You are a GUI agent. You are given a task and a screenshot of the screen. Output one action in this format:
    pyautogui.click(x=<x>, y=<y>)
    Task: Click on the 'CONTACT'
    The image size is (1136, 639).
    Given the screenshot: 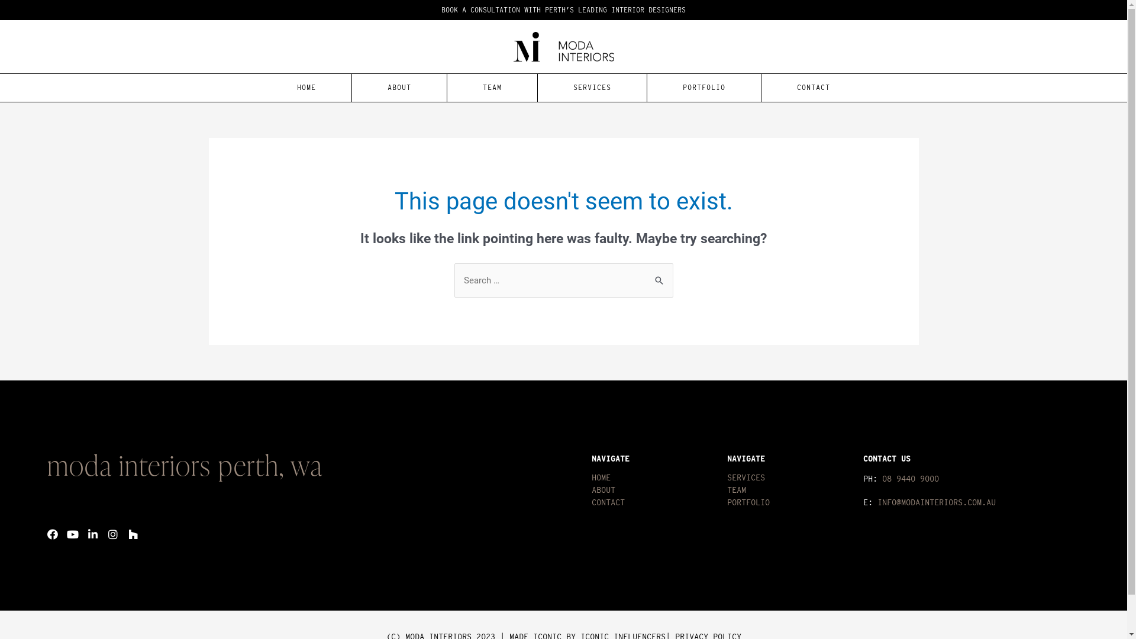 What is the action you would take?
    pyautogui.click(x=653, y=502)
    